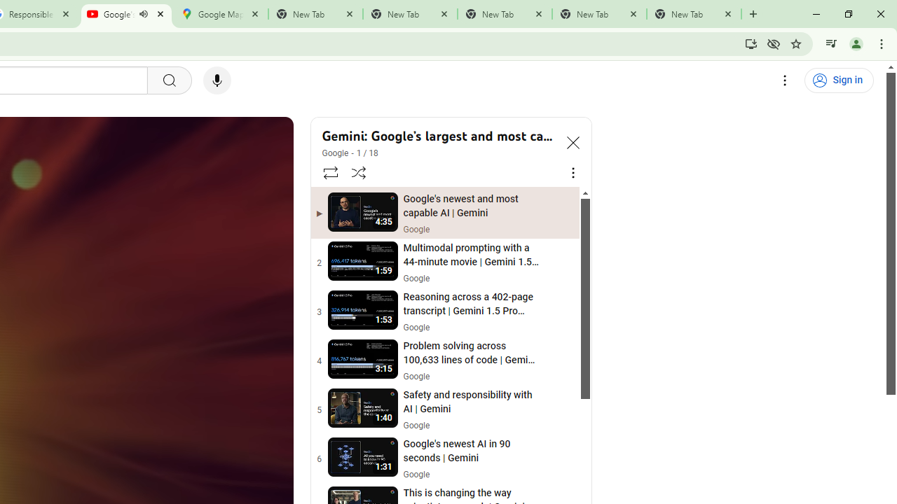  Describe the element at coordinates (694, 14) in the screenshot. I see `'New Tab'` at that location.